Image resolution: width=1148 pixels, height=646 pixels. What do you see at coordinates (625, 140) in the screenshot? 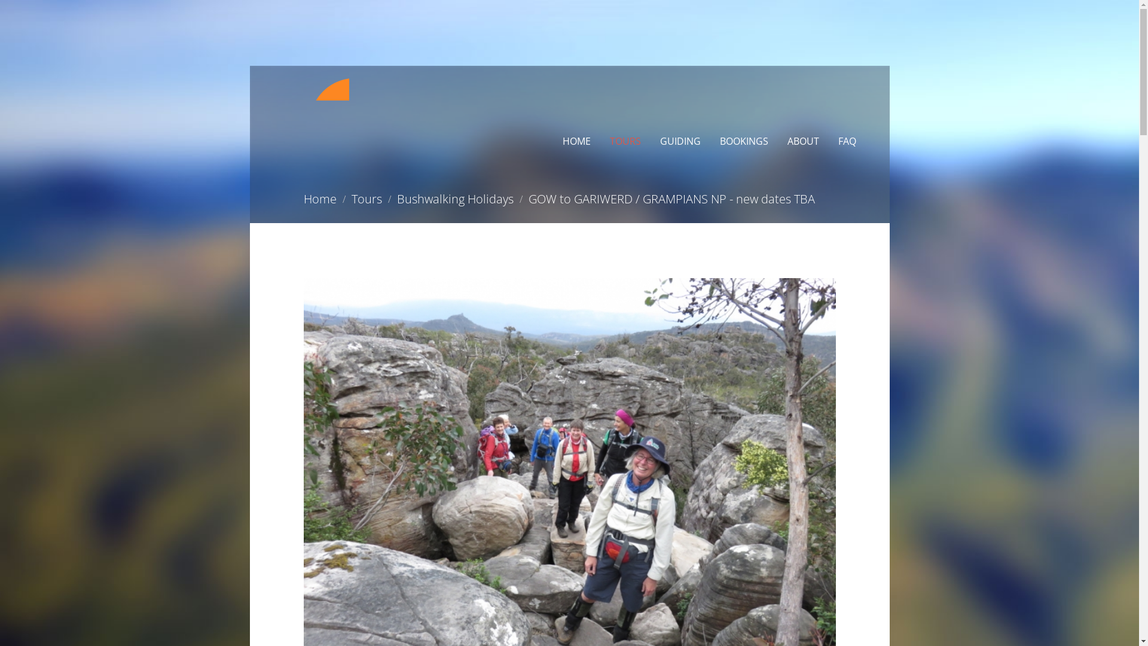
I see `'TOURS'` at bounding box center [625, 140].